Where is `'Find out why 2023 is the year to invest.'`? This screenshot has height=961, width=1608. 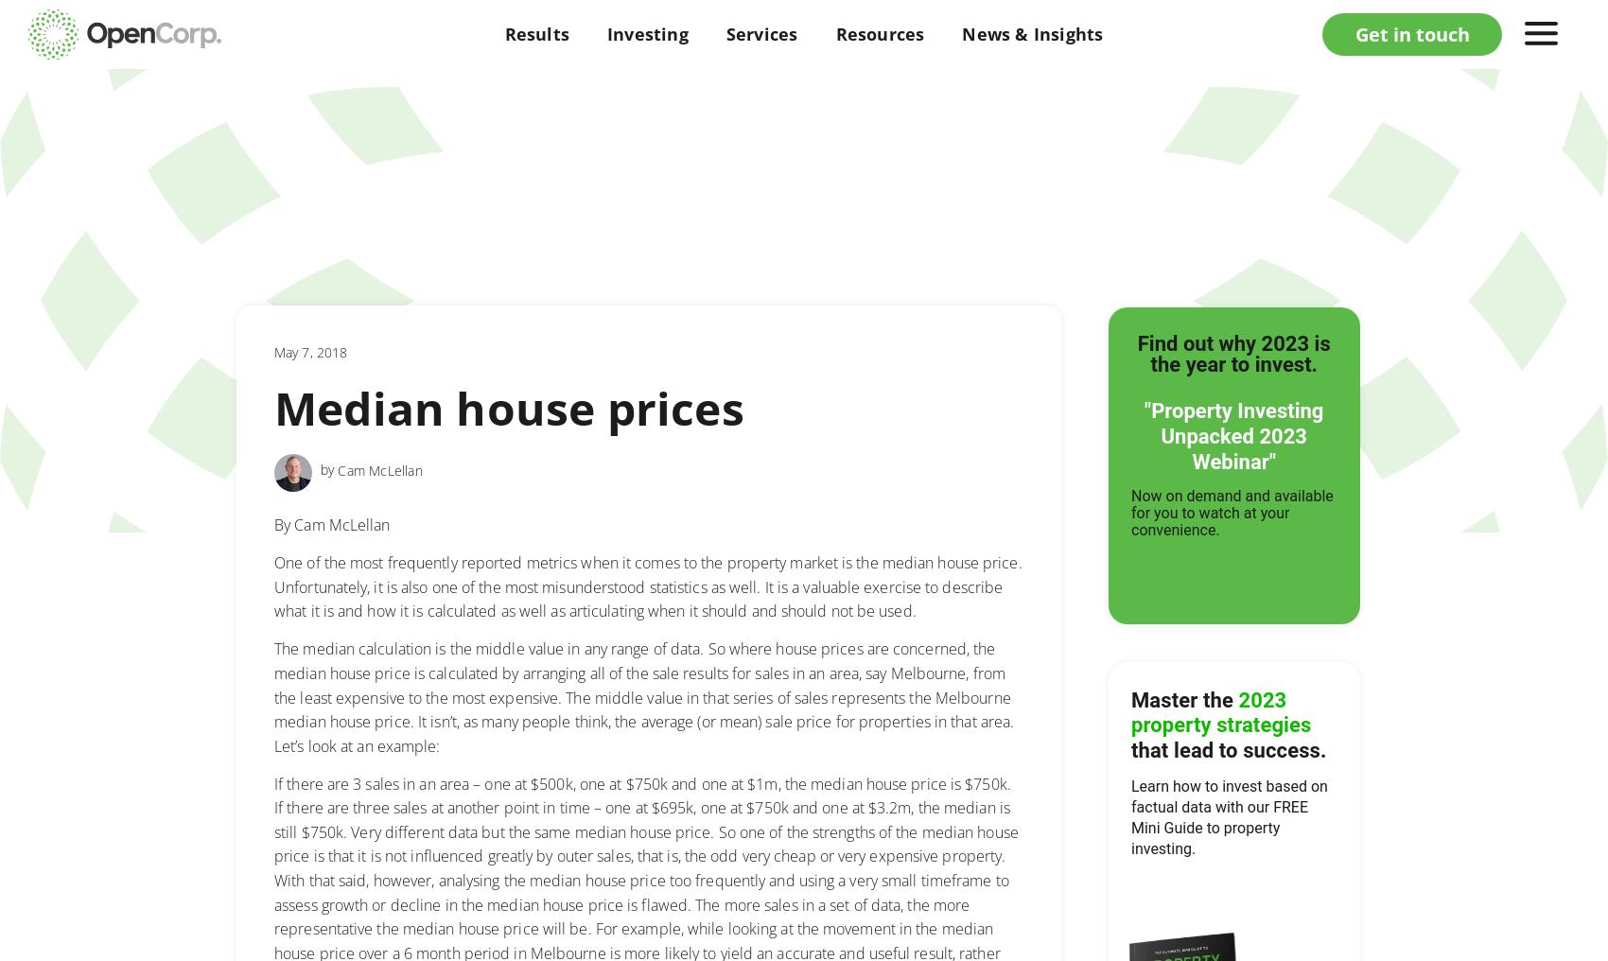 'Find out why 2023 is the year to invest.' is located at coordinates (1233, 354).